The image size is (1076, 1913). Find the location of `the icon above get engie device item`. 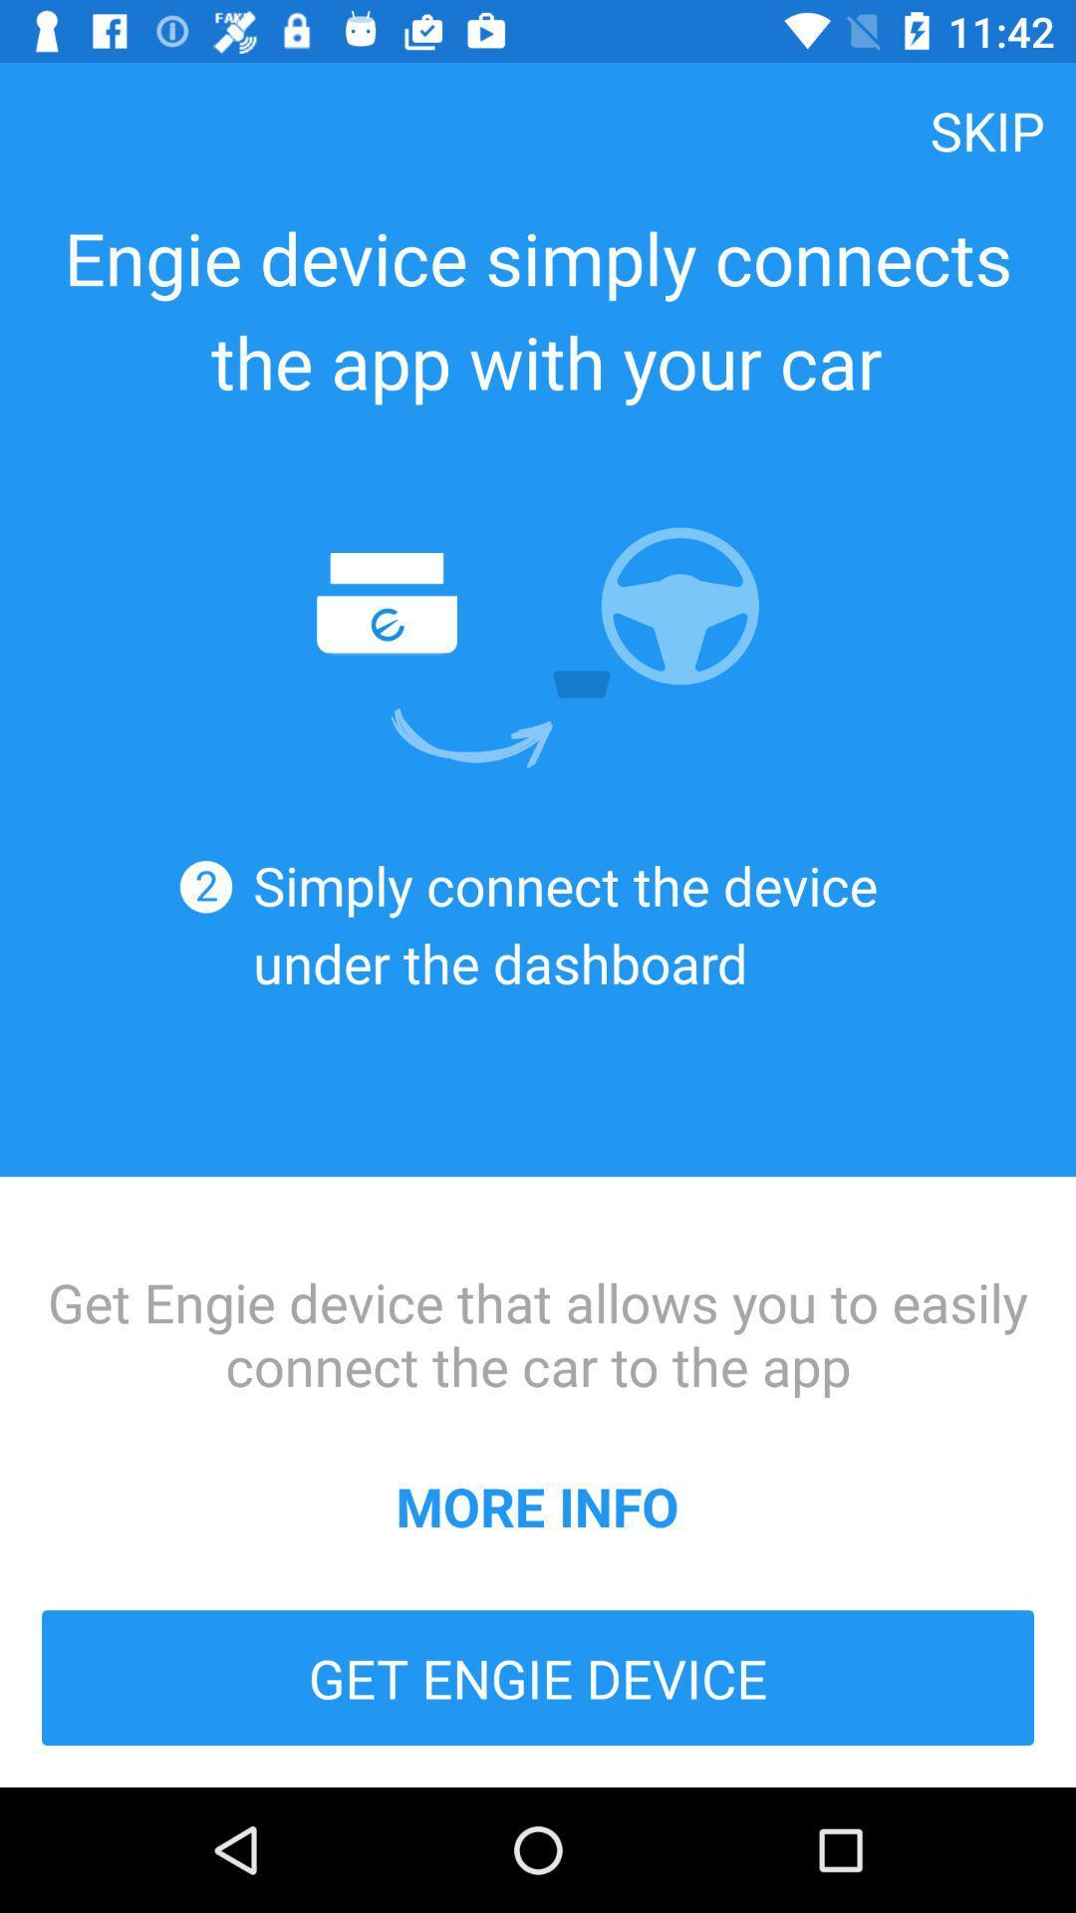

the icon above get engie device item is located at coordinates (536, 1505).